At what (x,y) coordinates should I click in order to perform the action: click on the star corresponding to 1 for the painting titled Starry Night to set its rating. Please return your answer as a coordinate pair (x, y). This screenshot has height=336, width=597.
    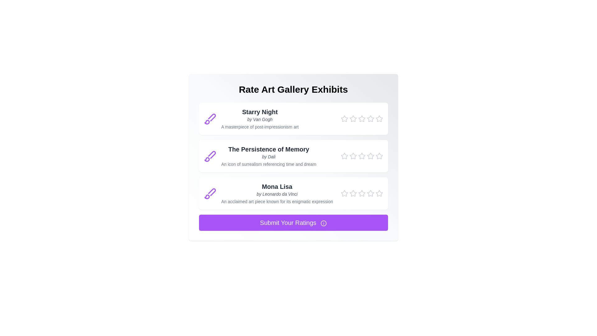
    Looking at the image, I should click on (344, 119).